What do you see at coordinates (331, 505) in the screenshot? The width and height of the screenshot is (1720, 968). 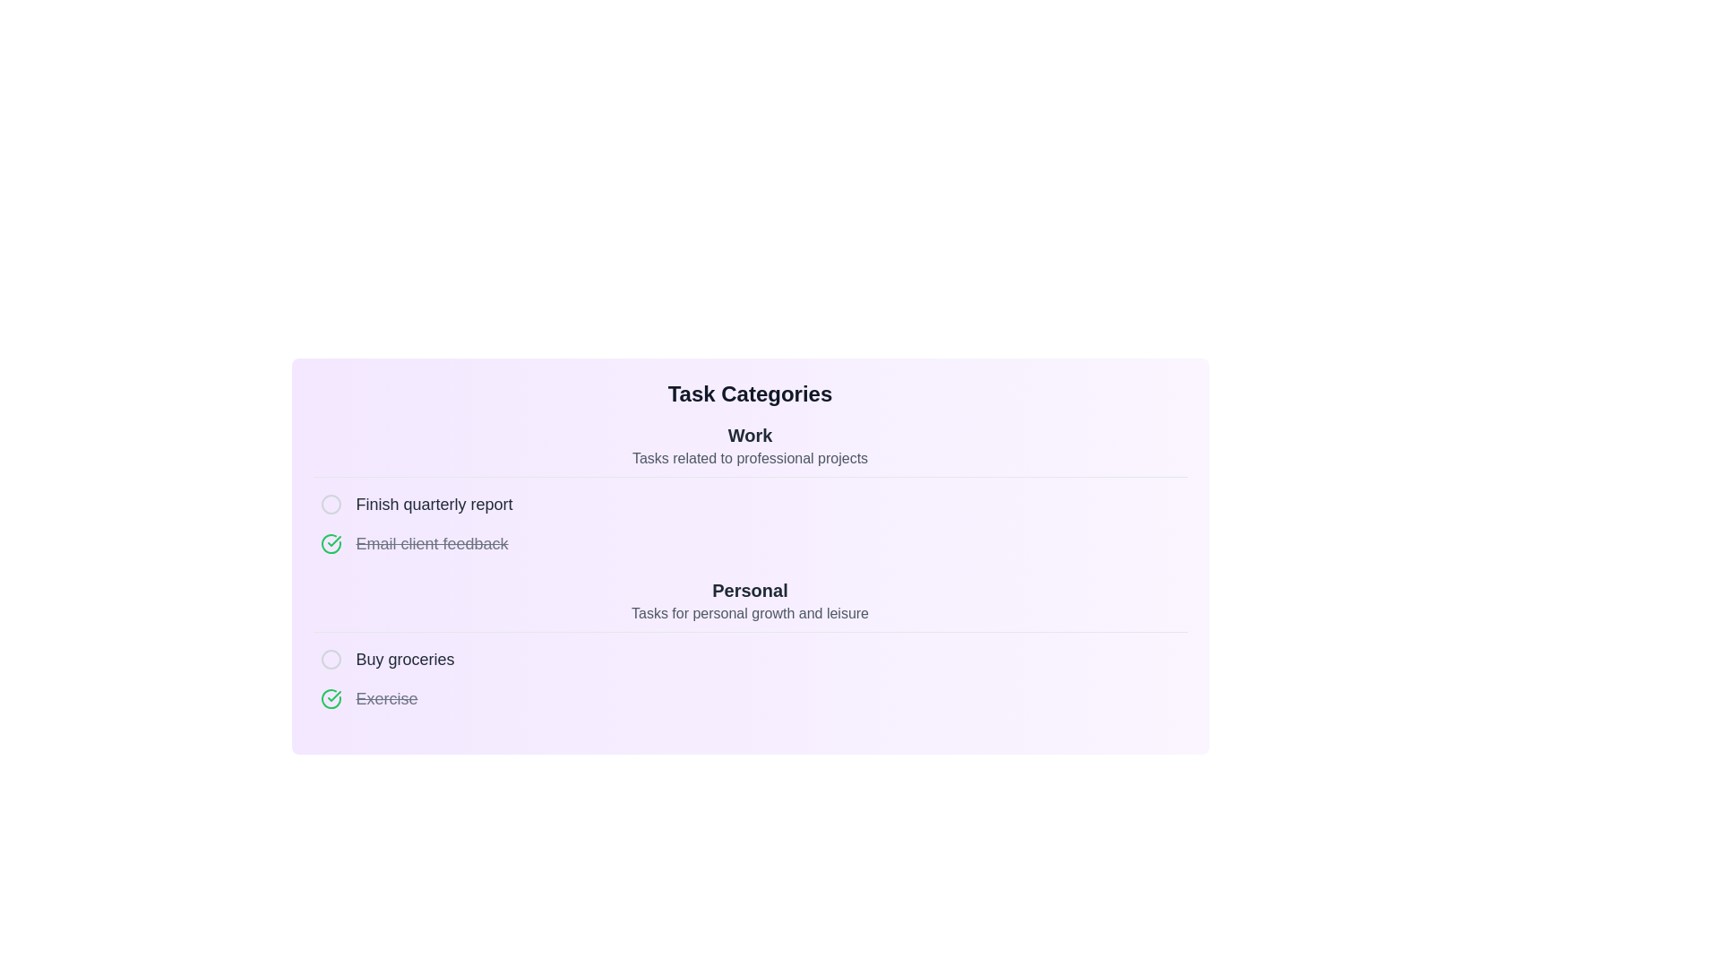 I see `the interactive checkbox located` at bounding box center [331, 505].